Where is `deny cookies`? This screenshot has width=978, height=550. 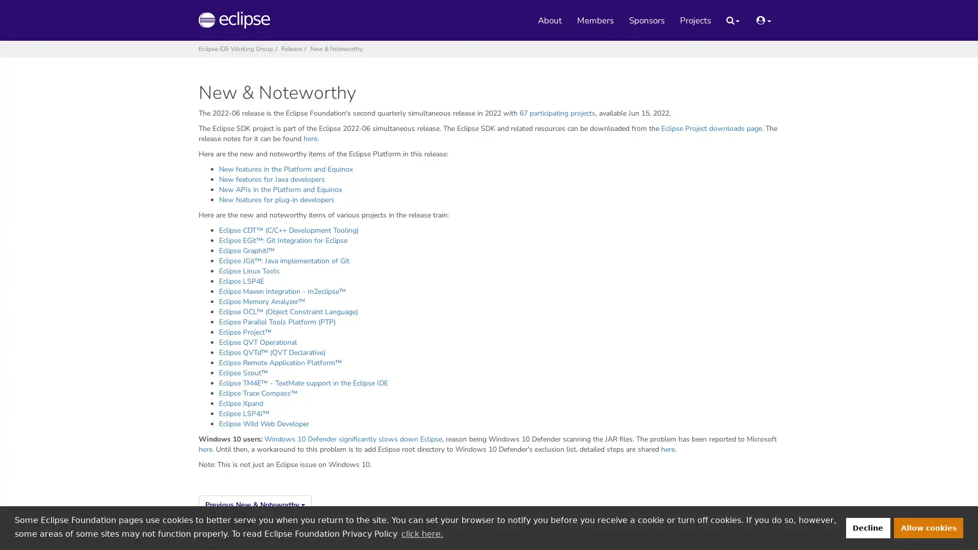 deny cookies is located at coordinates (867, 527).